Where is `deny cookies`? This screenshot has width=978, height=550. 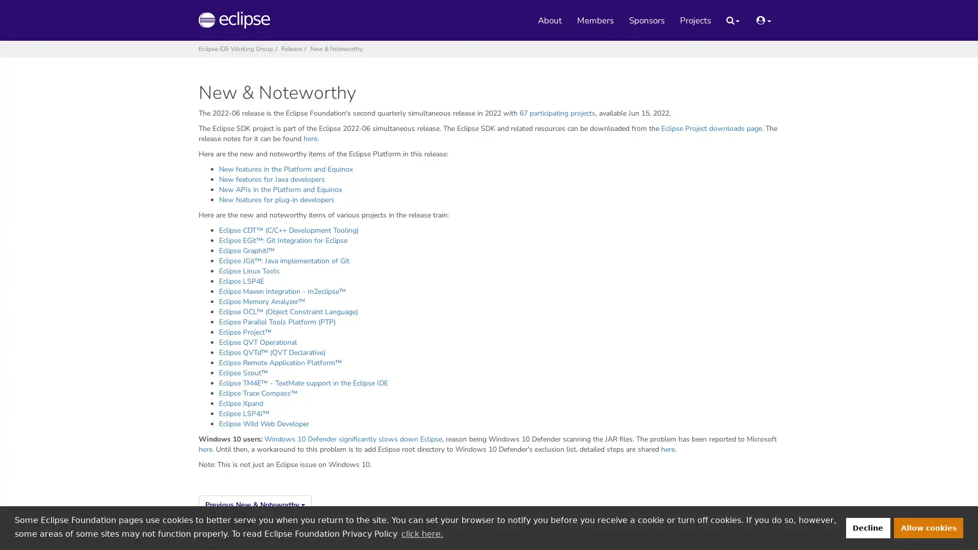 deny cookies is located at coordinates (867, 527).